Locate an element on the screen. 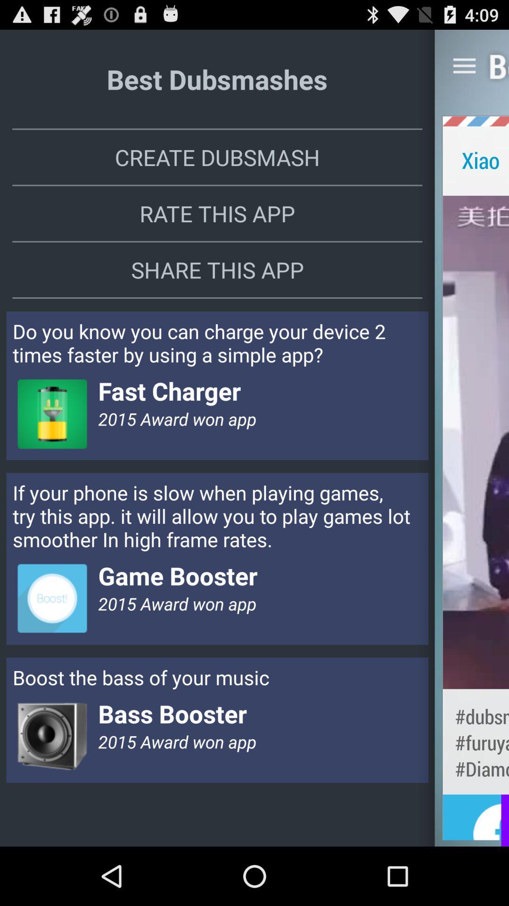 The width and height of the screenshot is (509, 906). icon to the right of rate this app app is located at coordinates (476, 442).